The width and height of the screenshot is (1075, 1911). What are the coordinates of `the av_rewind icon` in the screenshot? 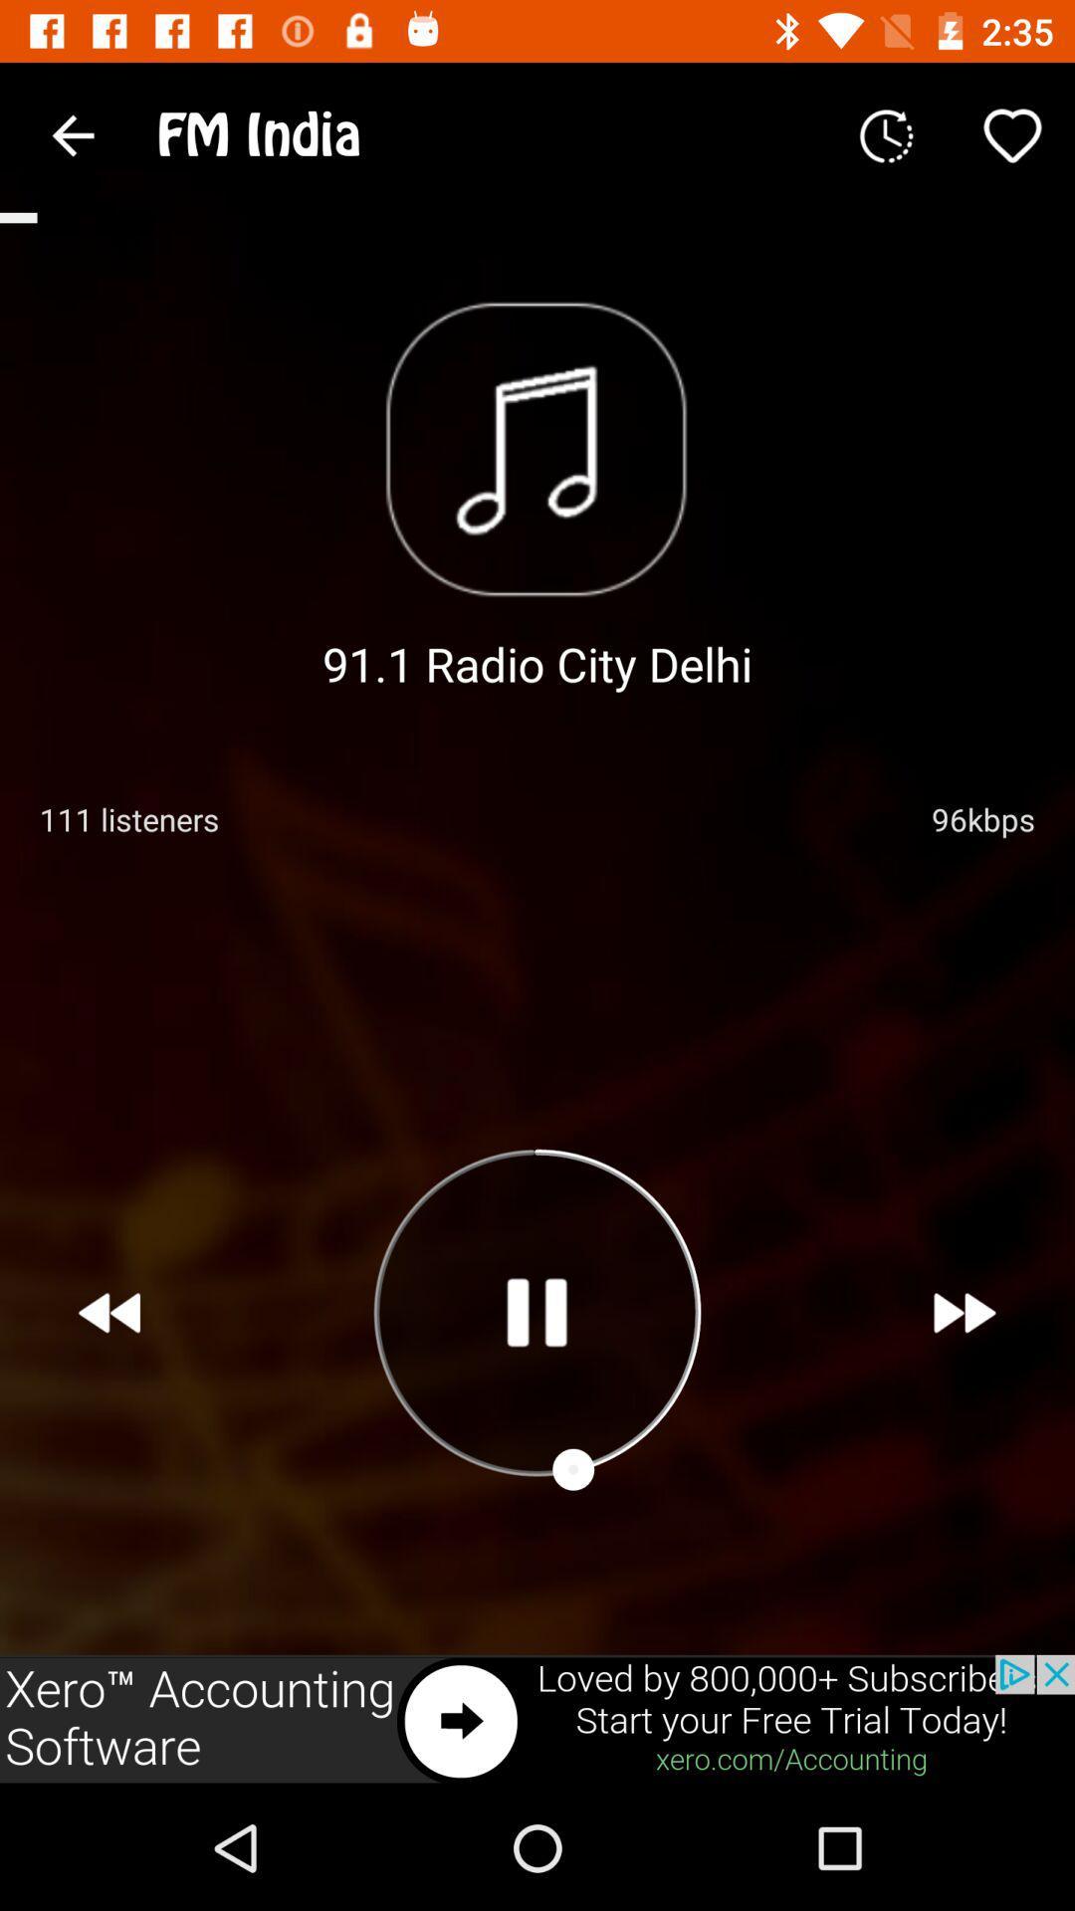 It's located at (109, 1313).